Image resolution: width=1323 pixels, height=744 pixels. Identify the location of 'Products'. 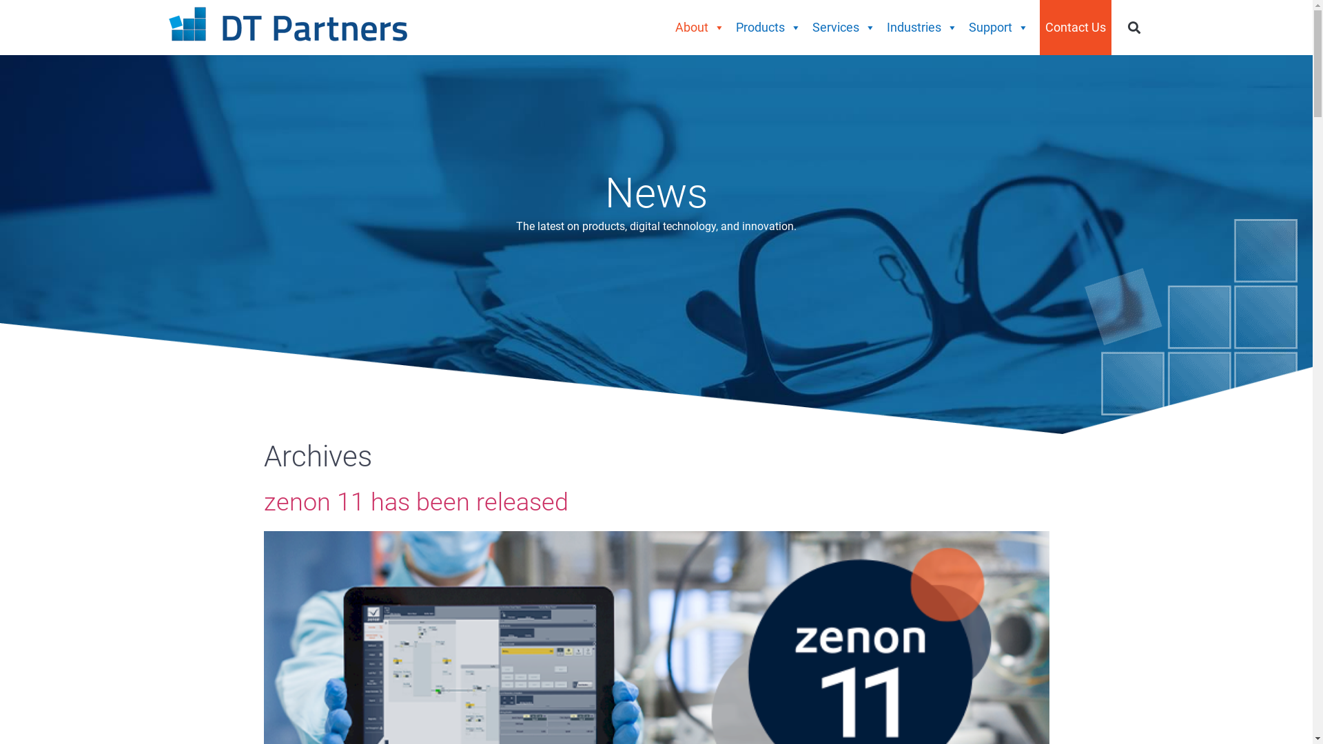
(768, 27).